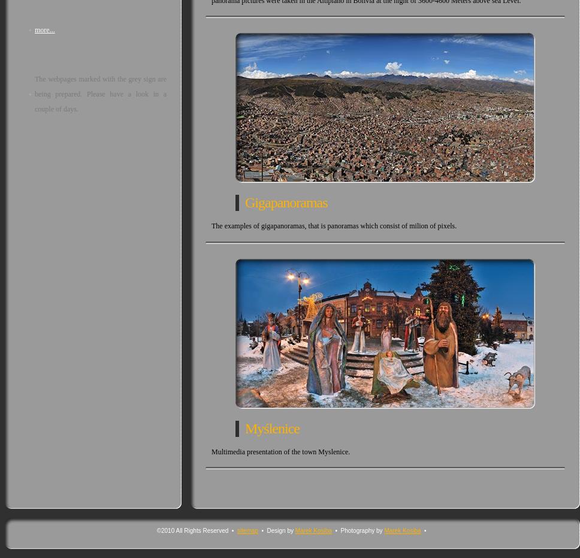  What do you see at coordinates (280, 451) in the screenshot?
I see `'Multimedia presentation of the town Myslenice.'` at bounding box center [280, 451].